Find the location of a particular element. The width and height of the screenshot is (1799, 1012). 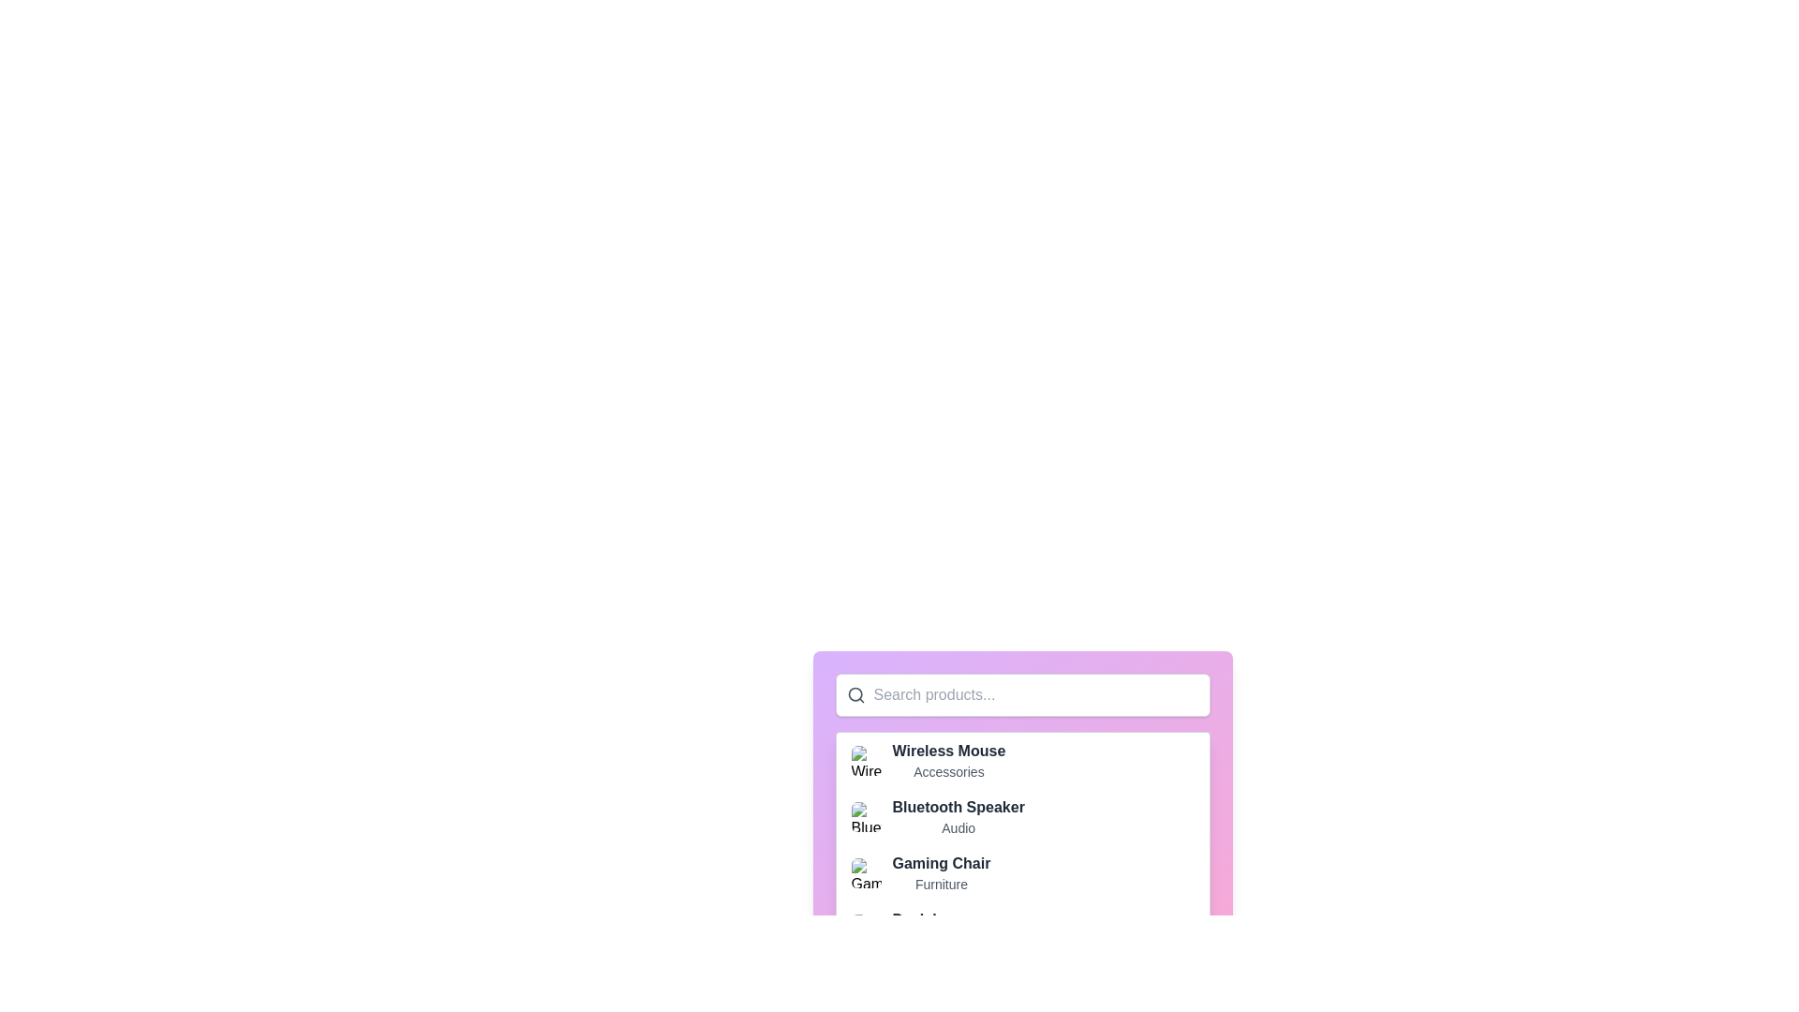

the 'Gaming Chair' text label, which is styled in bold font and dark gray color, located in a vertical list of products is located at coordinates (941, 863).